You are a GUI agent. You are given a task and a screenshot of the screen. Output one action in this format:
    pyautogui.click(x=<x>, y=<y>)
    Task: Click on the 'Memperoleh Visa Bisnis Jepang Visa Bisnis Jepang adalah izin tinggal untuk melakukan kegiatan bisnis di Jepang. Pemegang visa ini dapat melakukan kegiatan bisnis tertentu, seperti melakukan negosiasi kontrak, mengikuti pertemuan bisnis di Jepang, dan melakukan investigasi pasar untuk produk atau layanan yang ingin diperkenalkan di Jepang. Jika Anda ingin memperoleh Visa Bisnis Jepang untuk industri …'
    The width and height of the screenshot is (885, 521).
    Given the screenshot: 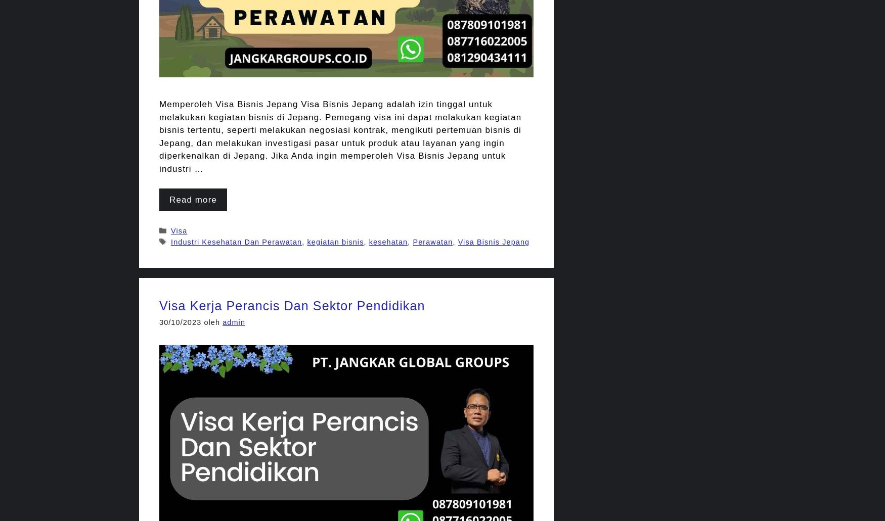 What is the action you would take?
    pyautogui.click(x=340, y=136)
    